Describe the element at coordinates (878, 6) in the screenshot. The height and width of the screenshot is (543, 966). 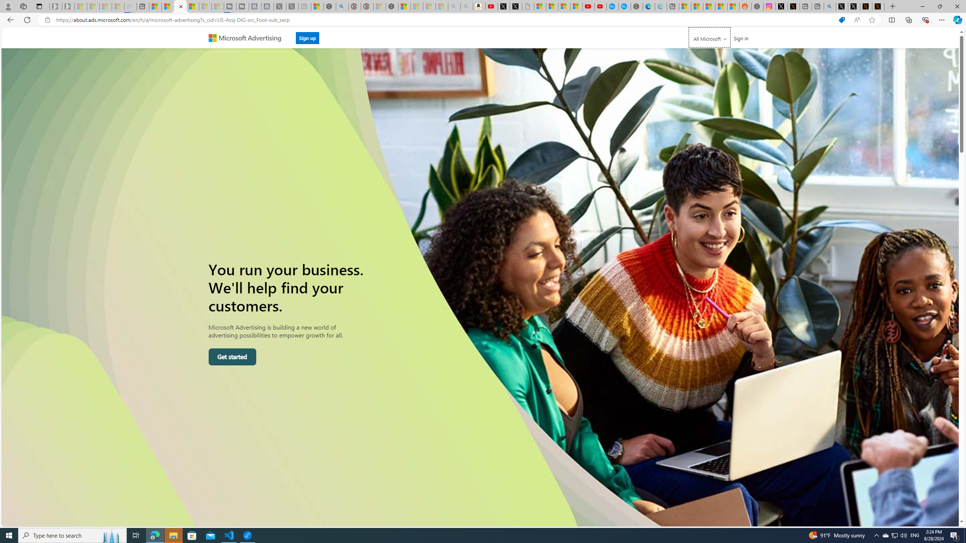
I see `'X Privacy Policy'` at that location.